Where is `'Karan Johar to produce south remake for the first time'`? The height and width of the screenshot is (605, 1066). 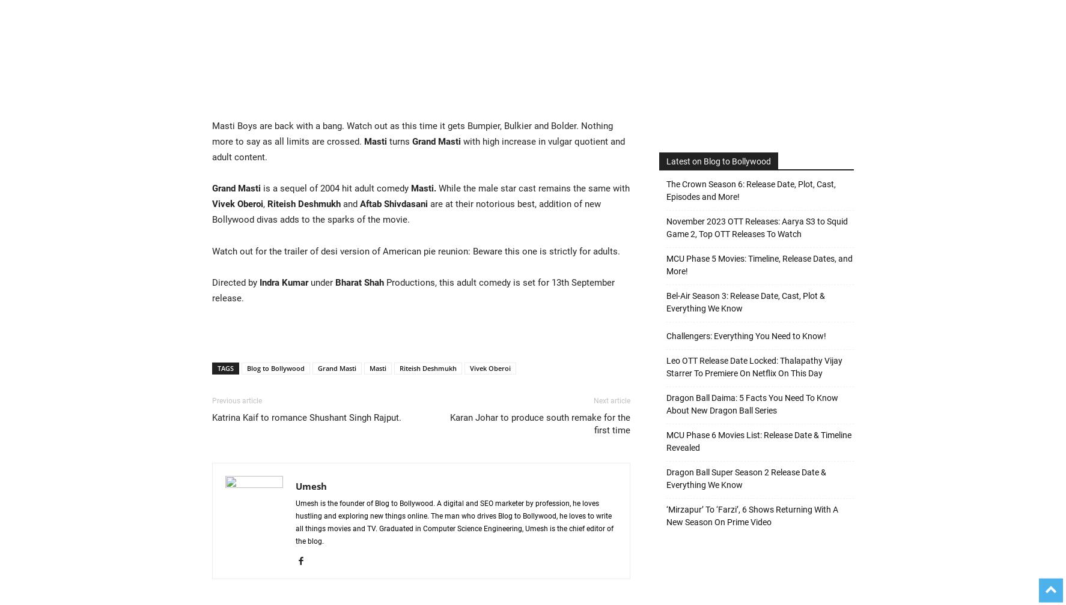
'Karan Johar to produce south remake for the first time' is located at coordinates (540, 423).